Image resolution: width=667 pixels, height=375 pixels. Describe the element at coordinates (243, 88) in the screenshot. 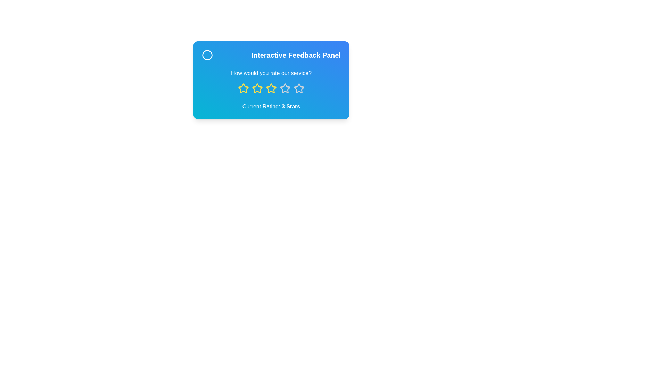

I see `the first star in the horizontal sequence of five stars` at that location.